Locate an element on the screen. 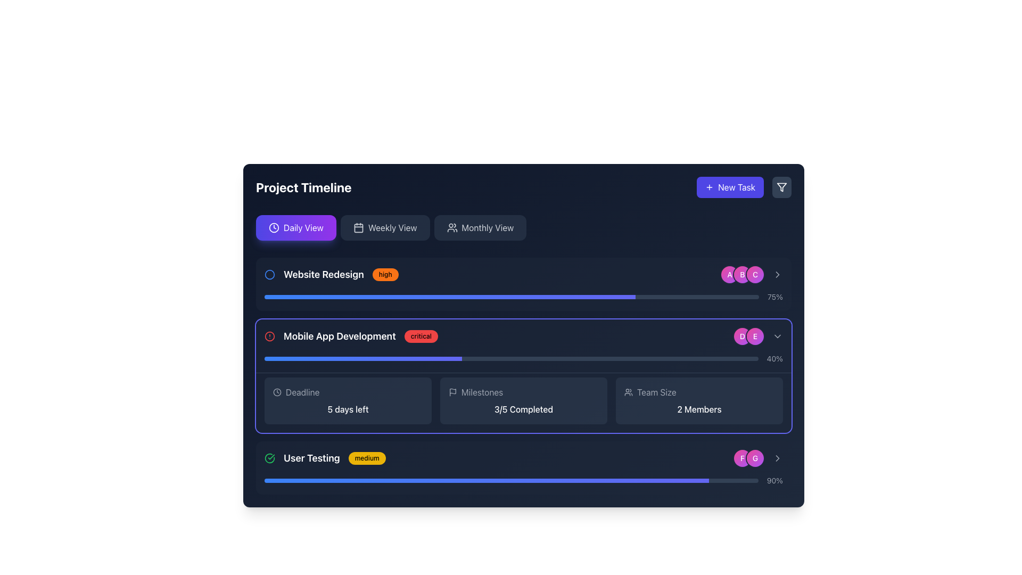 The width and height of the screenshot is (1022, 575). the completion status of the middle progress bar in the 'Mobile App Development' section, which visually represents a 40% completion rate is located at coordinates (523, 359).